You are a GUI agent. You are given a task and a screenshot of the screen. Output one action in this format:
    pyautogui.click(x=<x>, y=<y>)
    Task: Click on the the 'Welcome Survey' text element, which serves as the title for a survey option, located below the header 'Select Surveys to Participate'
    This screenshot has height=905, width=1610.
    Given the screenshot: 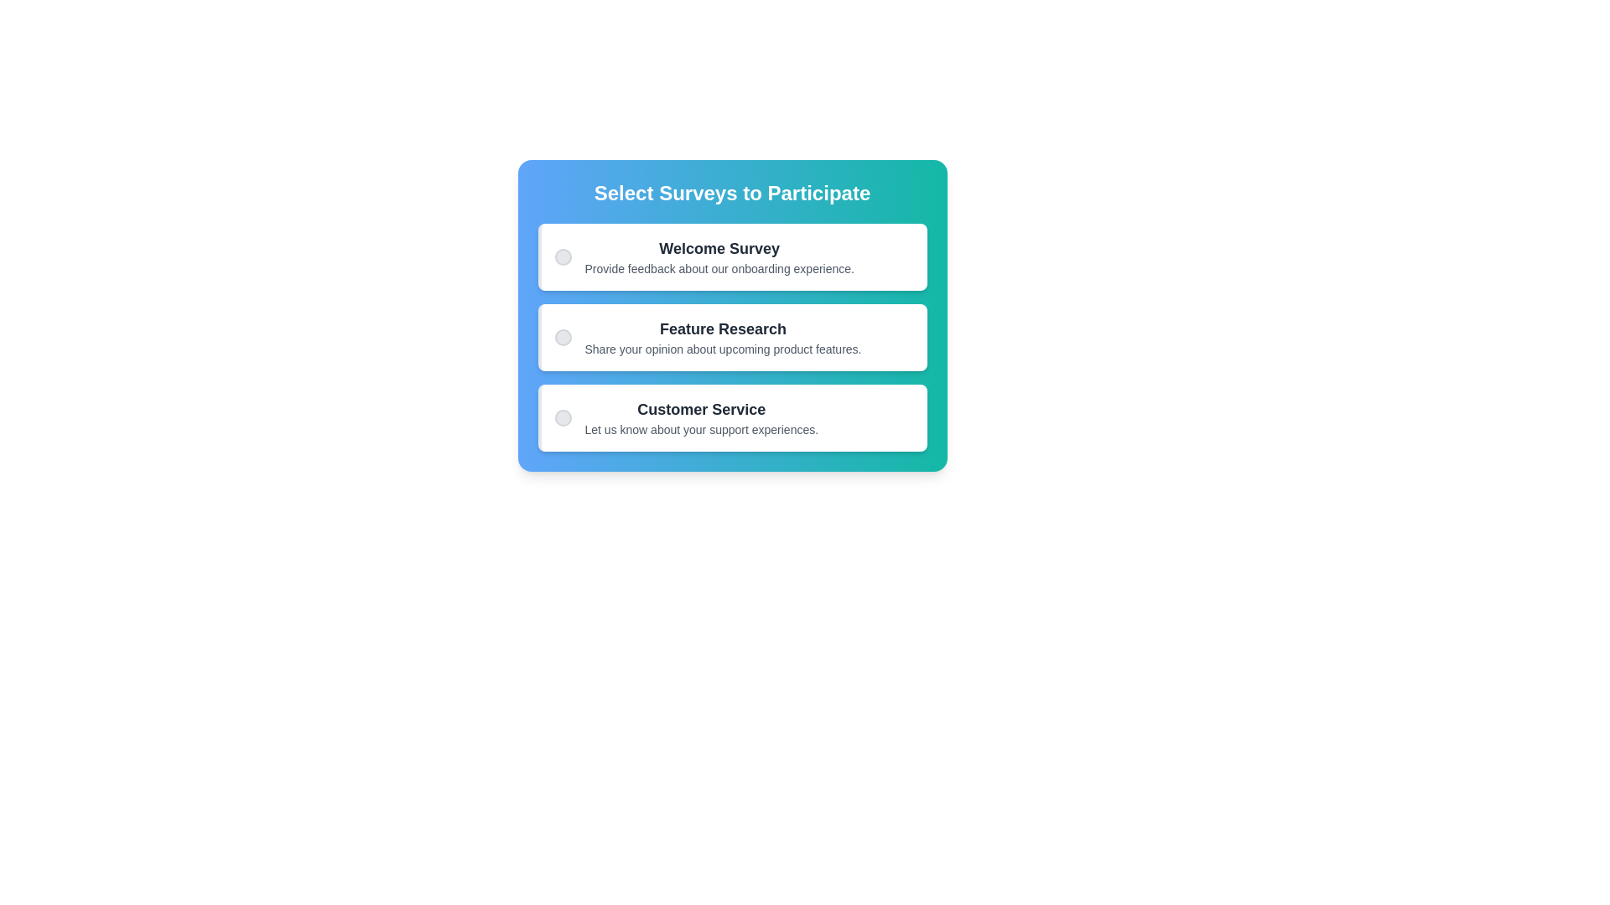 What is the action you would take?
    pyautogui.click(x=719, y=249)
    